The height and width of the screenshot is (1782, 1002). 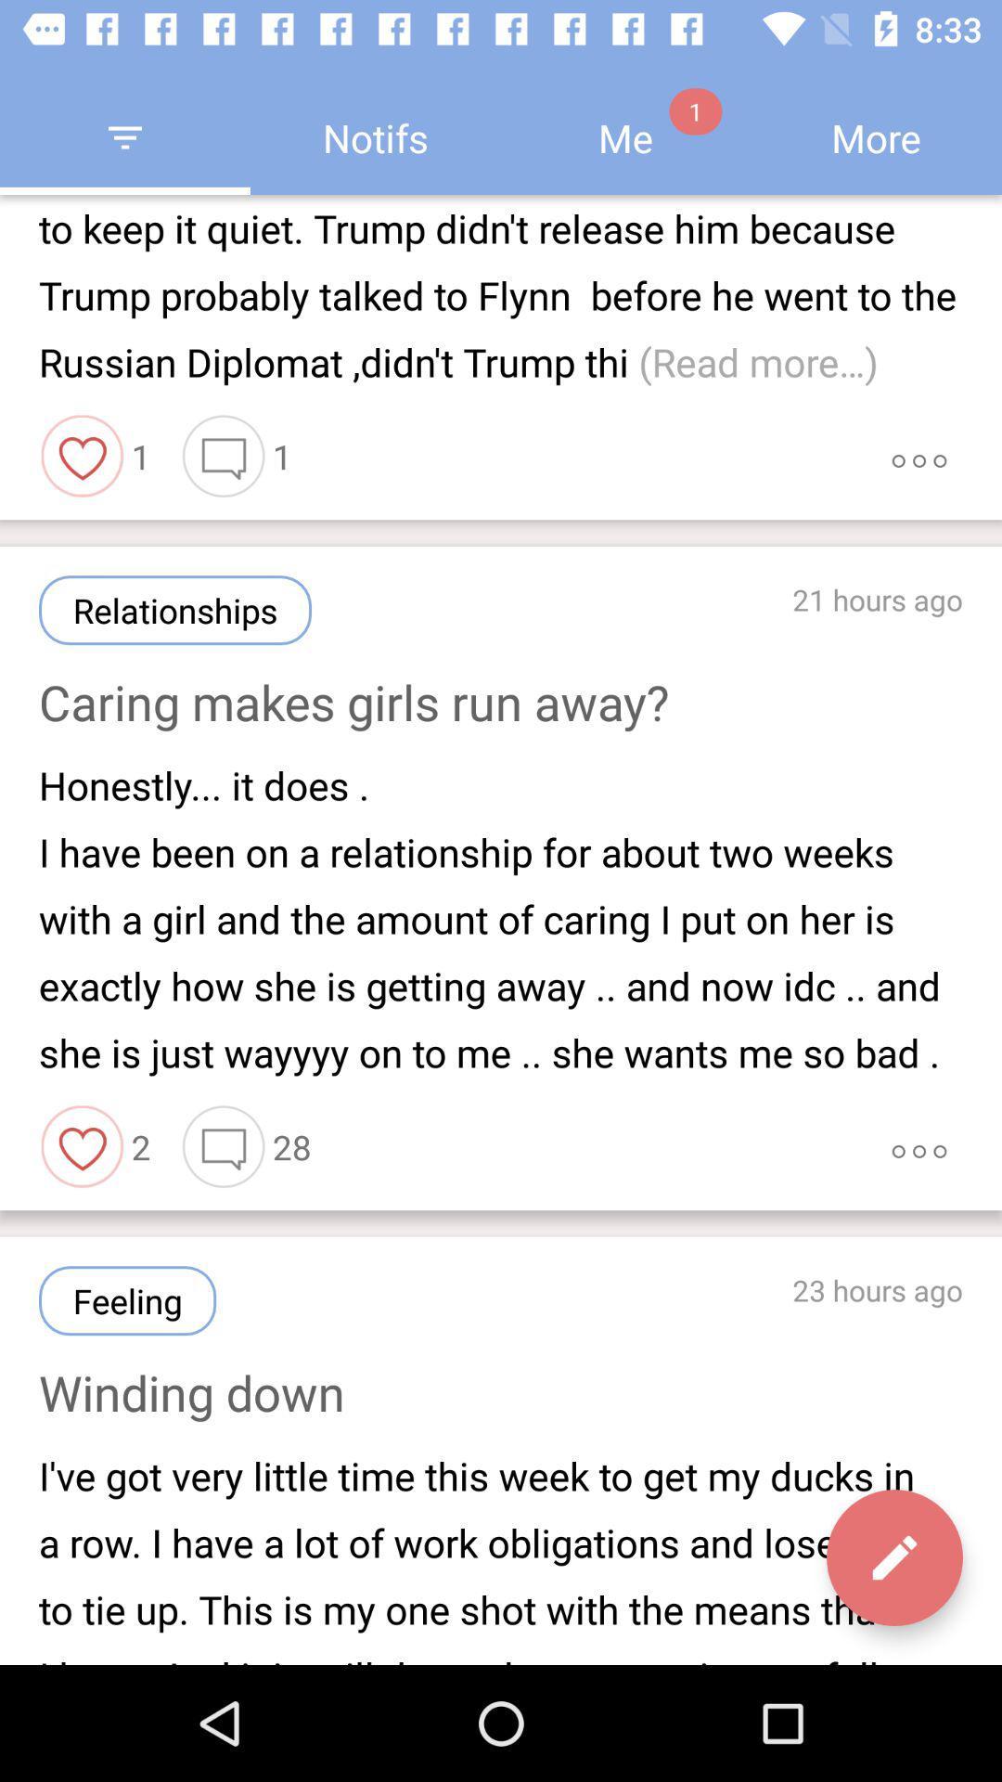 What do you see at coordinates (126, 1299) in the screenshot?
I see `feeling` at bounding box center [126, 1299].